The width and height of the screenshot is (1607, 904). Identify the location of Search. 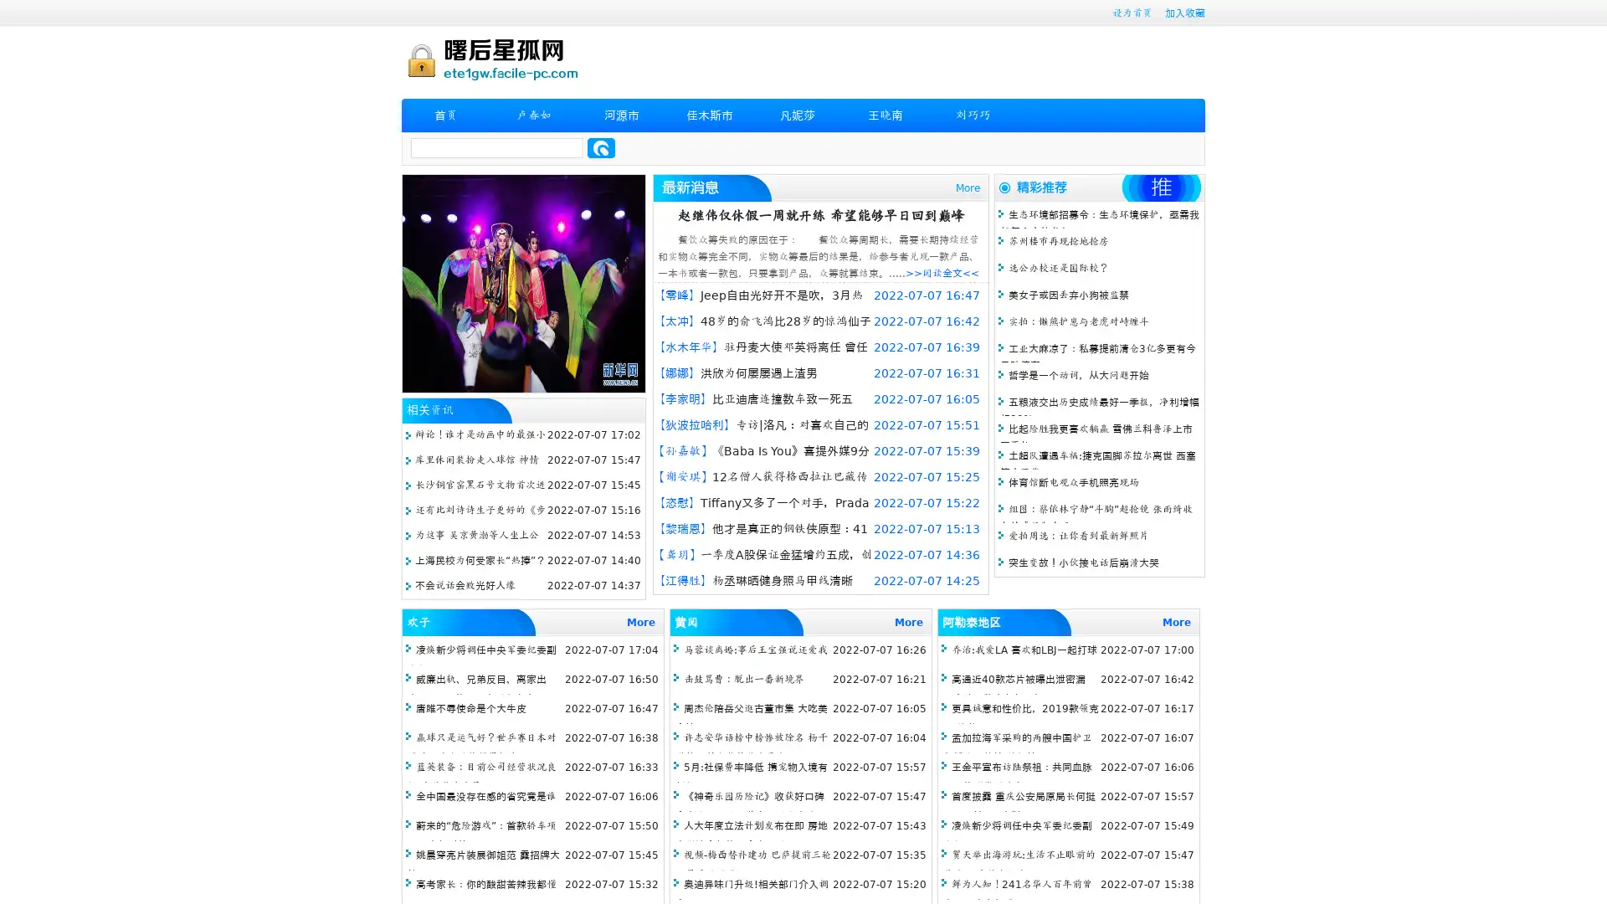
(601, 147).